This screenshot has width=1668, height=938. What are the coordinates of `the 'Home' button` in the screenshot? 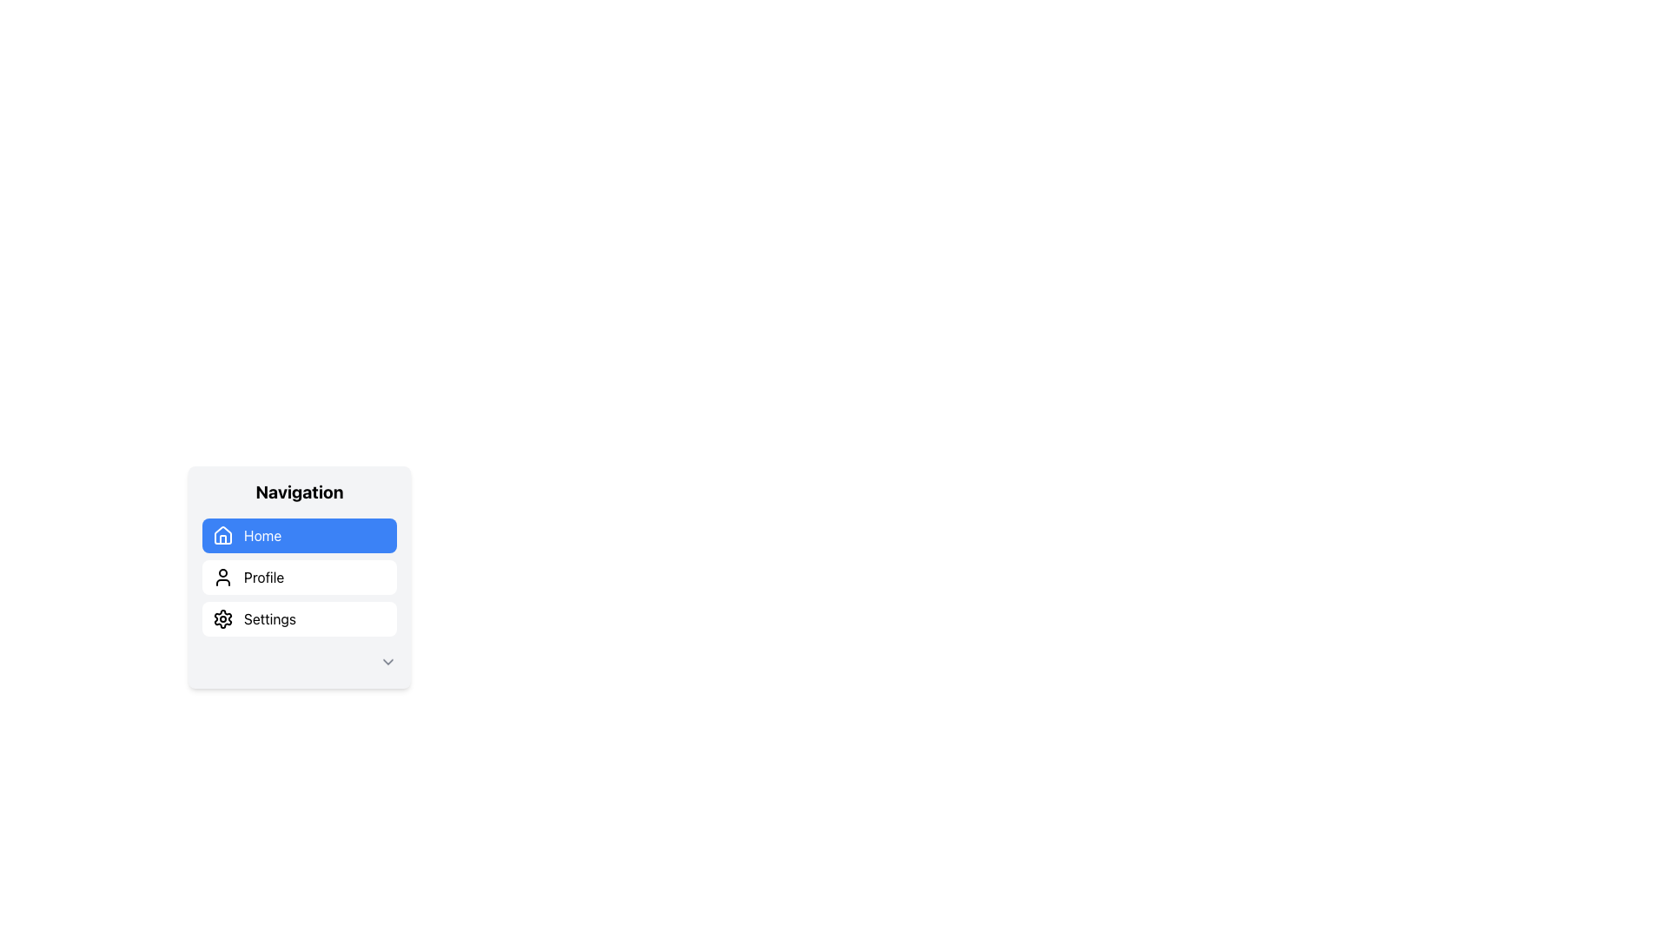 It's located at (300, 535).